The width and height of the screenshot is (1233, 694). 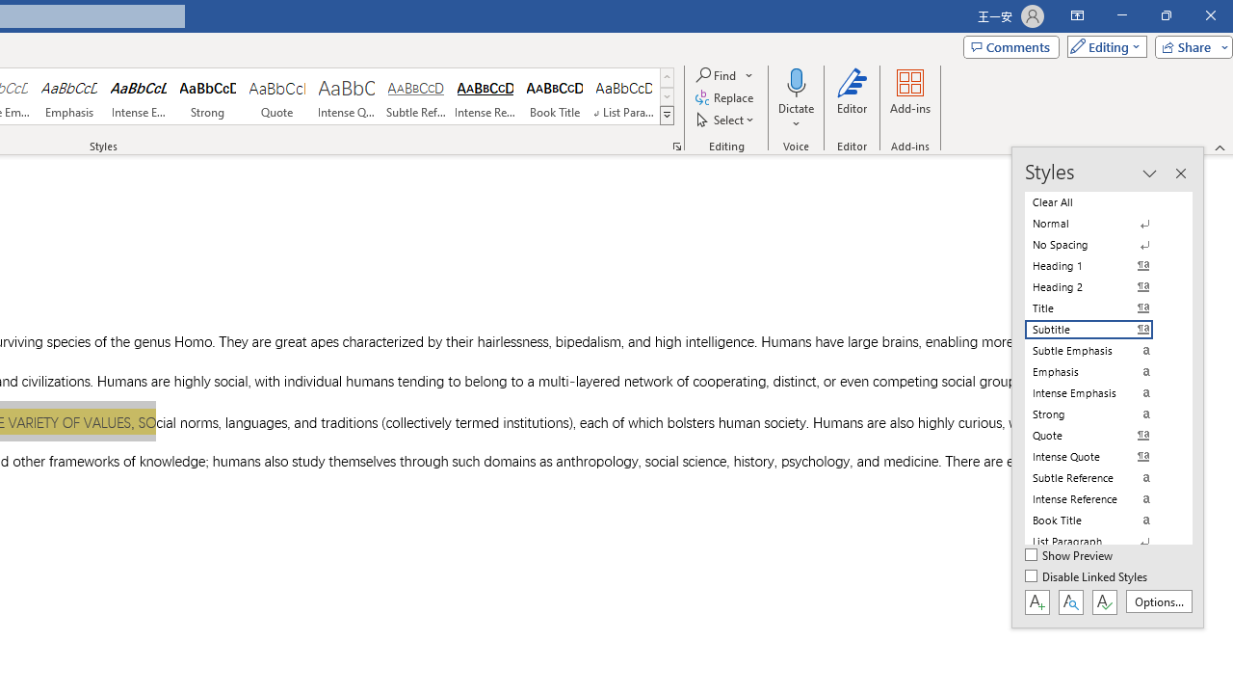 I want to click on 'Row up', so click(x=667, y=76).